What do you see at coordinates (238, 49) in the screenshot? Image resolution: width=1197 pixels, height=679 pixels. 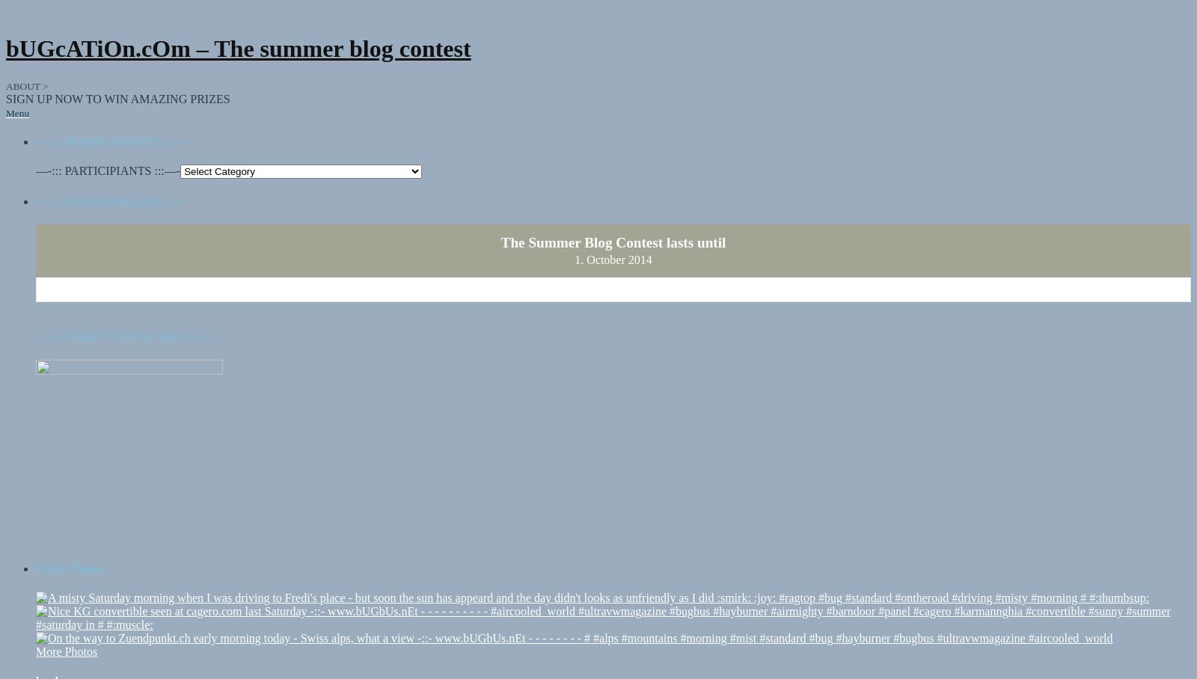 I see `'bUGcATiOn.cOm – The summer blog contest'` at bounding box center [238, 49].